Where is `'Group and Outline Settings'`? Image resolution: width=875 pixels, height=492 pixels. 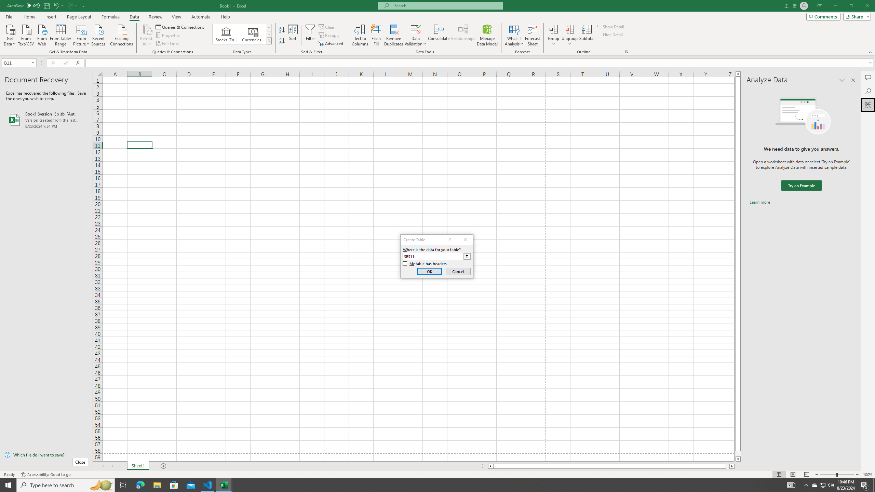
'Group and Outline Settings' is located at coordinates (626, 51).